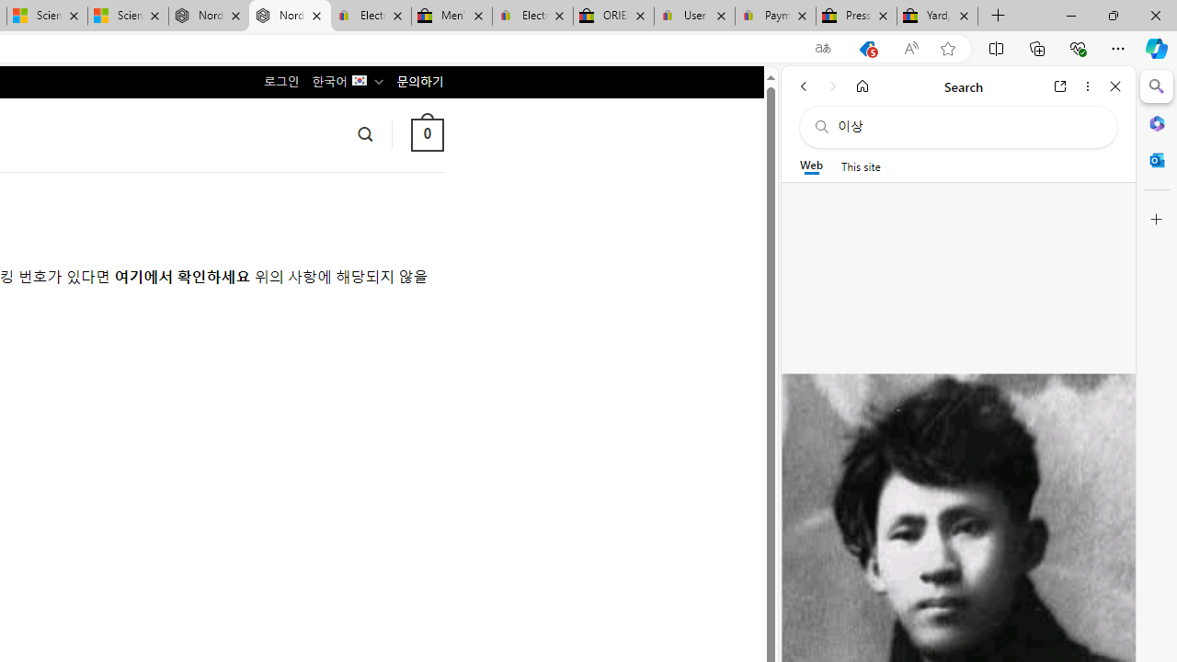  What do you see at coordinates (426, 133) in the screenshot?
I see `' 0 '` at bounding box center [426, 133].